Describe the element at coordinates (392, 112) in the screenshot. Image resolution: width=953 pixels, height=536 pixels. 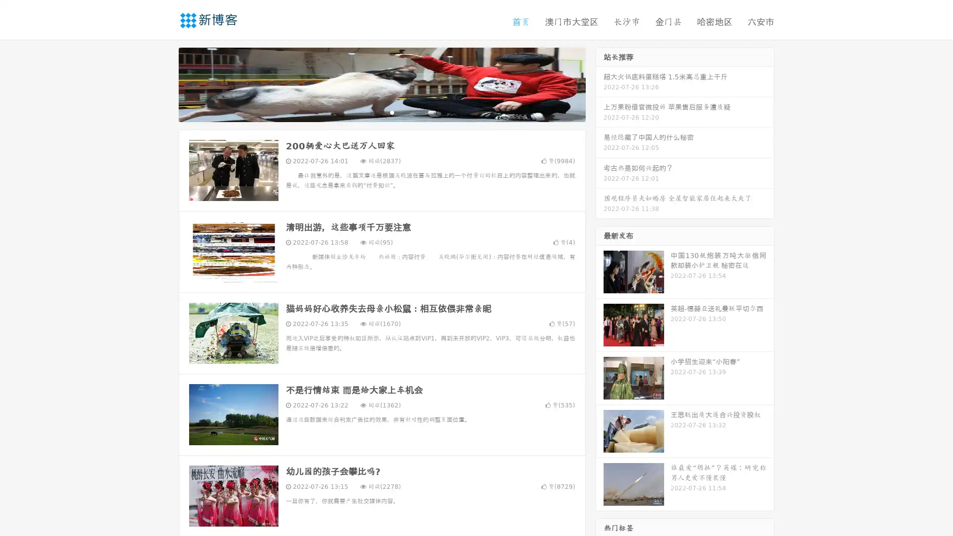
I see `Go to slide 3` at that location.